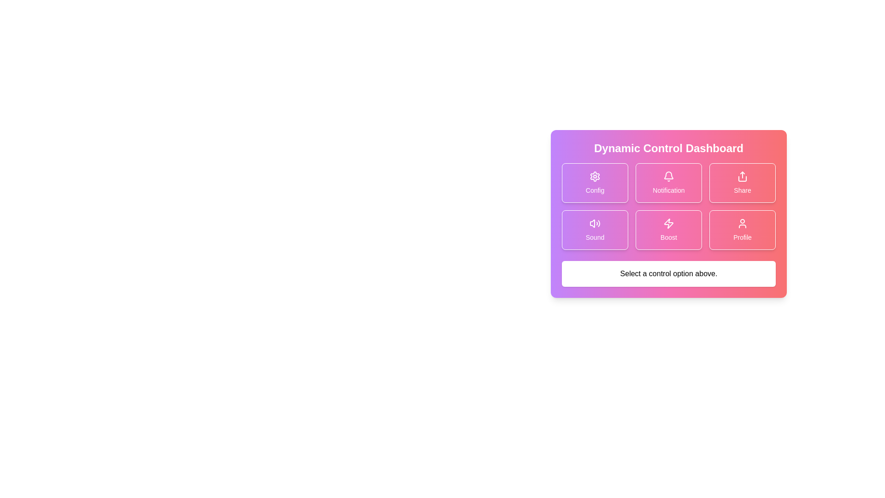 The width and height of the screenshot is (885, 498). What do you see at coordinates (668, 175) in the screenshot?
I see `the top portion of the bell icon, which is styled with an outline and located within the pink 'Notification' button` at bounding box center [668, 175].